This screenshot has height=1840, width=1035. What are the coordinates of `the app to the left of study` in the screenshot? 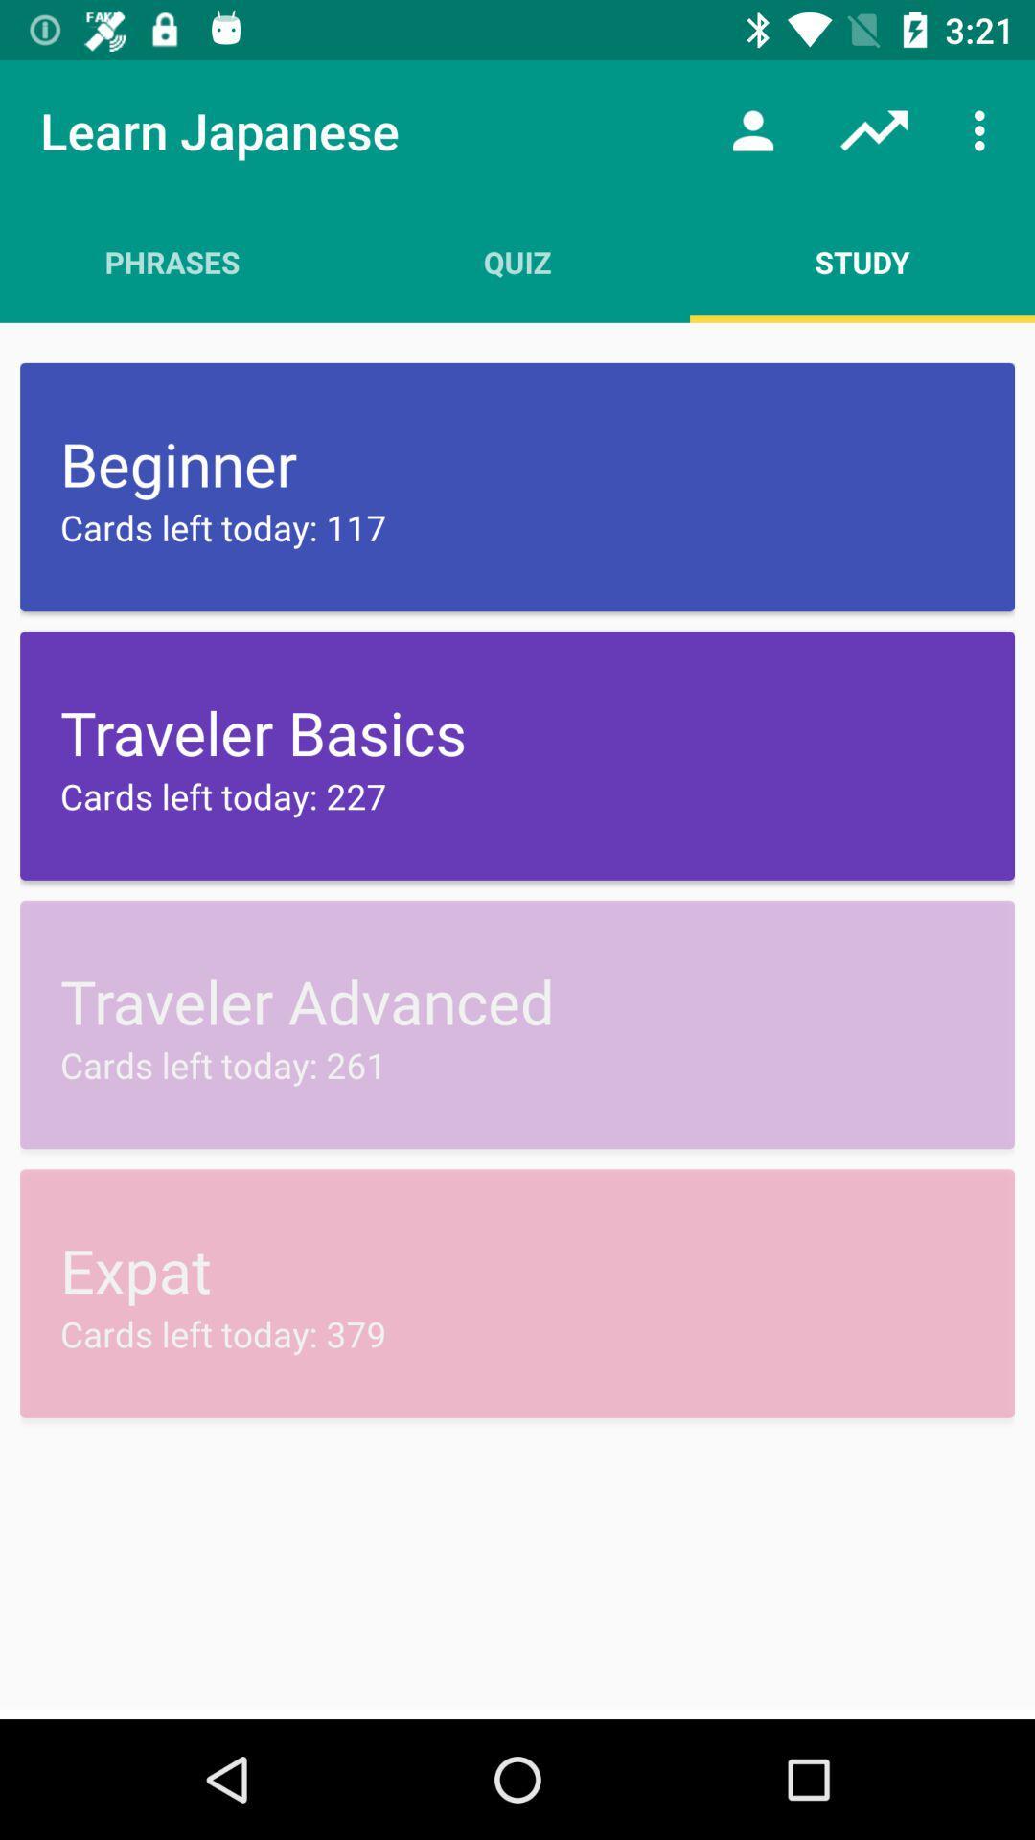 It's located at (517, 261).